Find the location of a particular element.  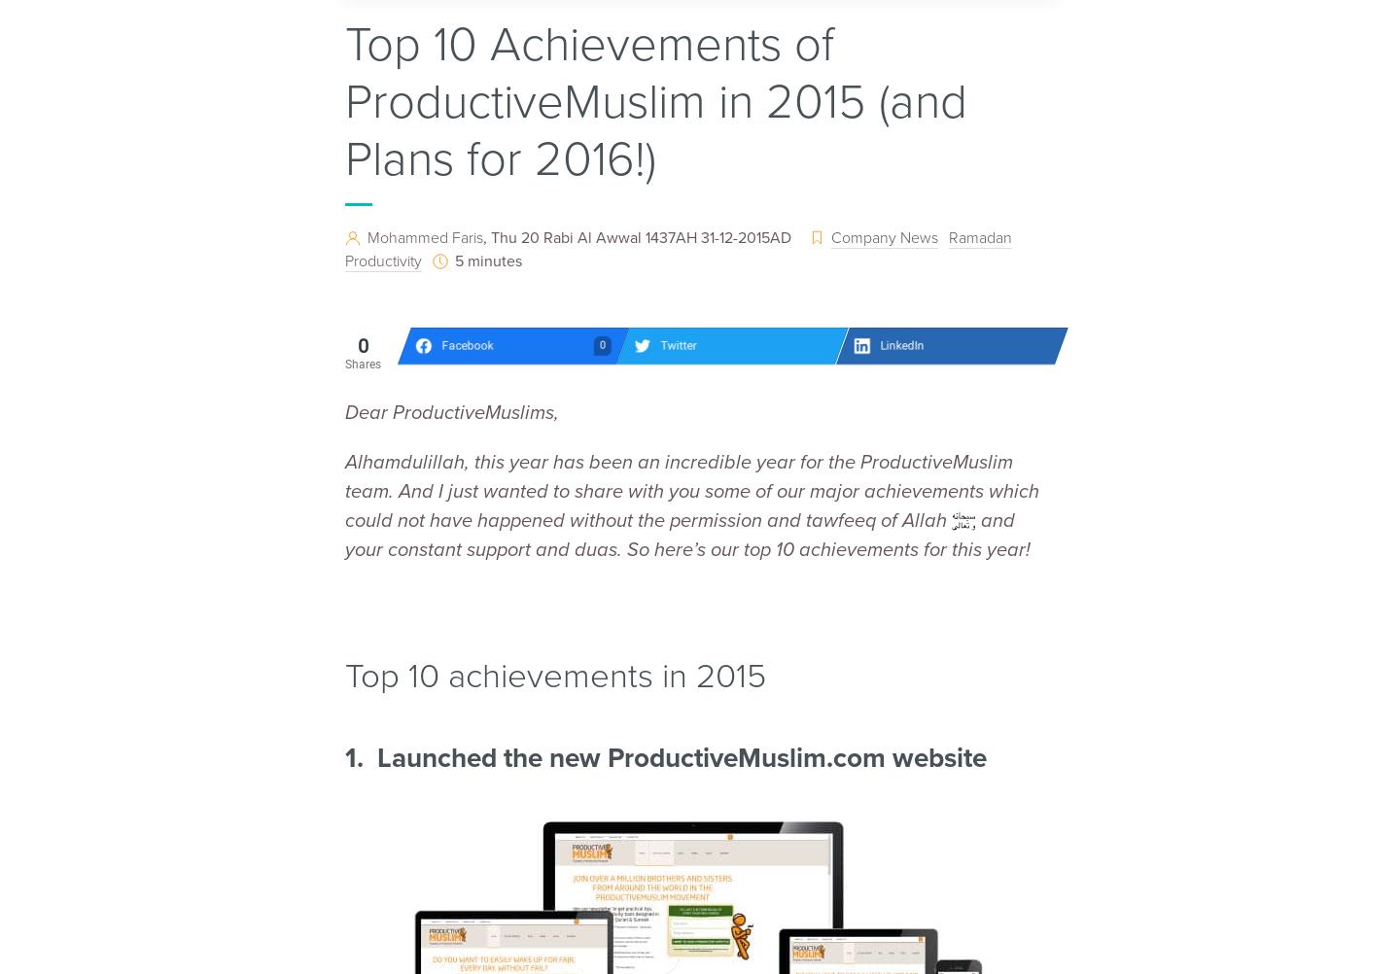

'Ramadan Productivity' is located at coordinates (678, 248).